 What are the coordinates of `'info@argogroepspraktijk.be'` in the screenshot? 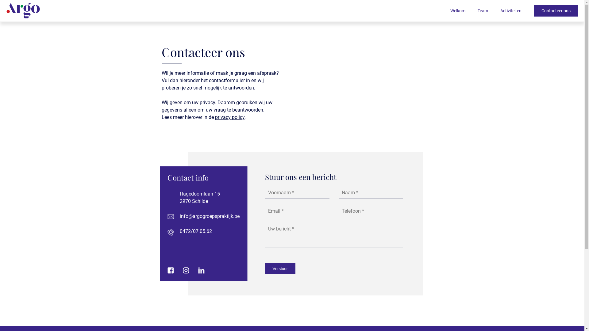 It's located at (179, 216).